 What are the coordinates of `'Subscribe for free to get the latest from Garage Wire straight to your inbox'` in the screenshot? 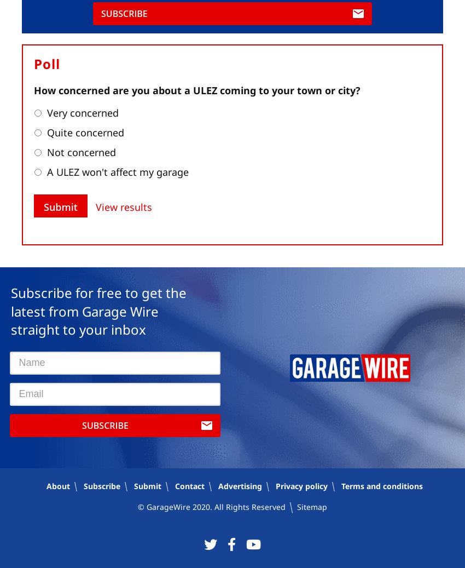 It's located at (10, 311).